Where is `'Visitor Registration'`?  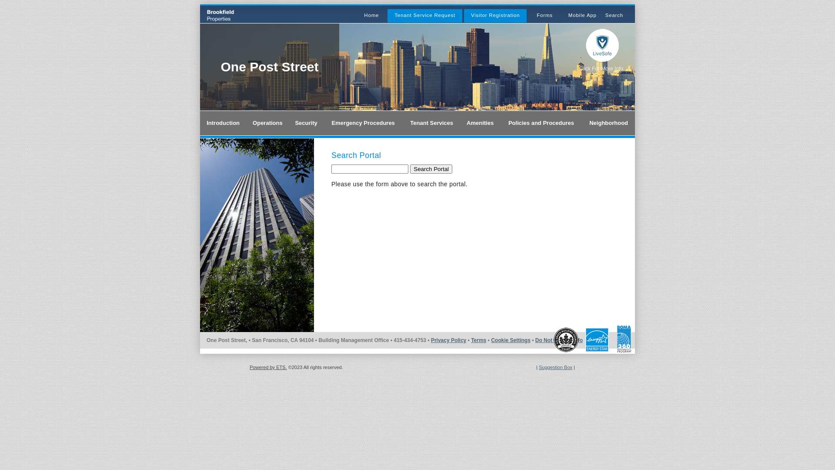 'Visitor Registration' is located at coordinates (495, 15).